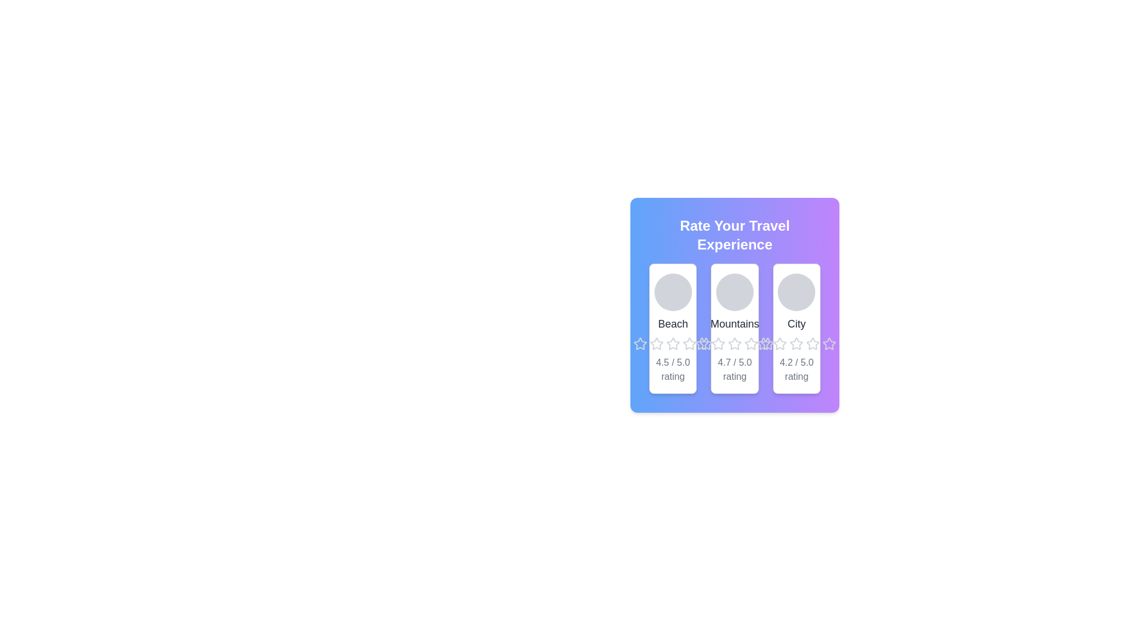  What do you see at coordinates (689, 343) in the screenshot?
I see `the second star icon from the left in the 'Mountains' section to assign or modify the rating for the experience` at bounding box center [689, 343].